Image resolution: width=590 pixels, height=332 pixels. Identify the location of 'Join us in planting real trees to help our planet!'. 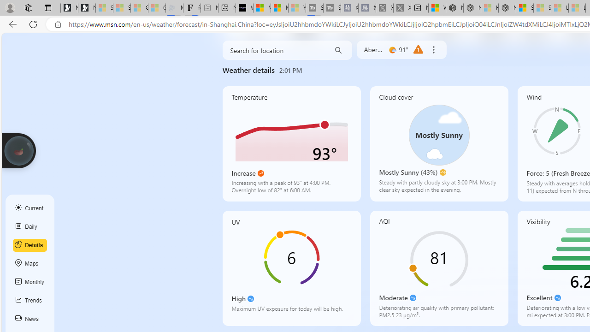
(18, 150).